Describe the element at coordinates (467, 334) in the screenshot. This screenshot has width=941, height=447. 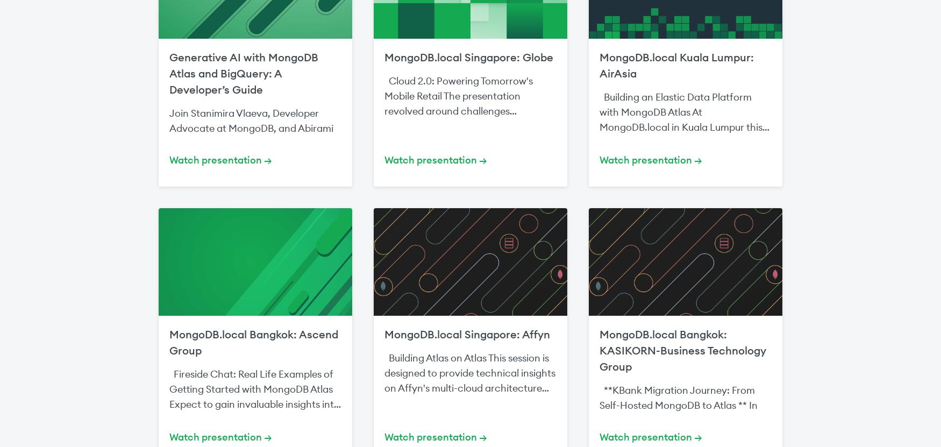
I see `'MongoDB.local Singapore: Affyn'` at that location.